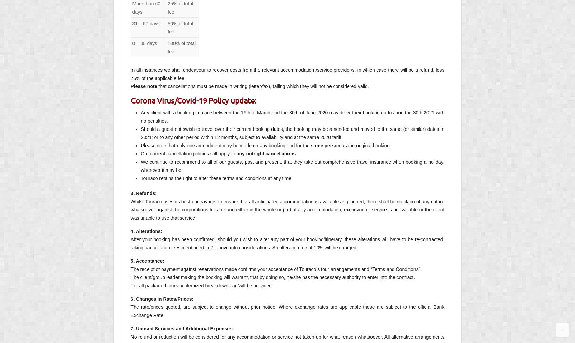 This screenshot has width=575, height=343. Describe the element at coordinates (287, 73) in the screenshot. I see `'In all instances we shall endeavour to recover costs from the relevant accommodation /service provider/s, in which case there will be a refund, less 25% of the applicable fee.'` at that location.